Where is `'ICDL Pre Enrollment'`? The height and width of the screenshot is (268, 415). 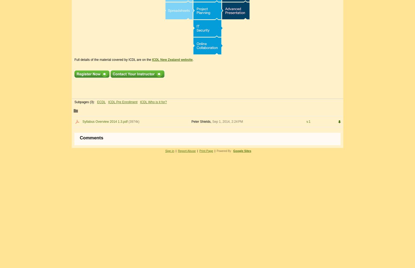
'ICDL Pre Enrollment' is located at coordinates (123, 102).